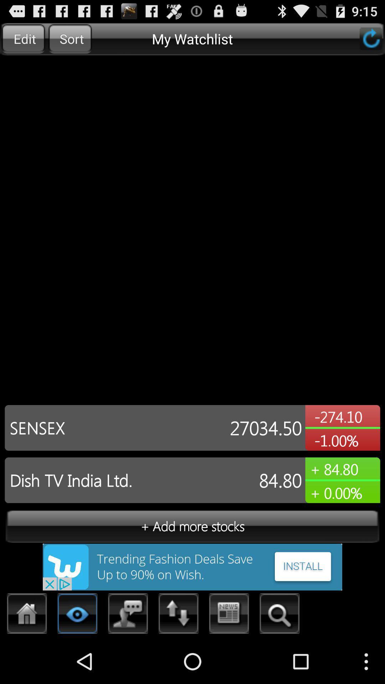 This screenshot has height=684, width=385. What do you see at coordinates (77, 615) in the screenshot?
I see `list` at bounding box center [77, 615].